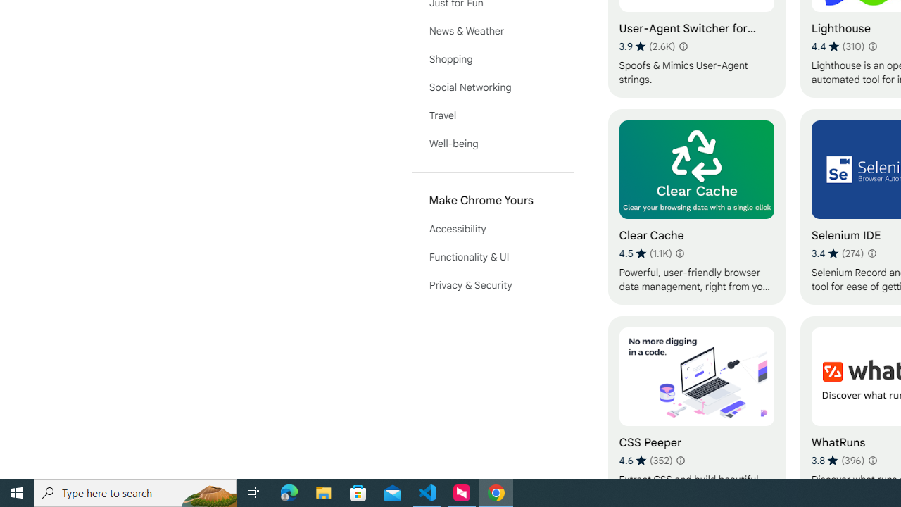 The width and height of the screenshot is (901, 507). Describe the element at coordinates (493, 257) in the screenshot. I see `'Functionality & UI'` at that location.